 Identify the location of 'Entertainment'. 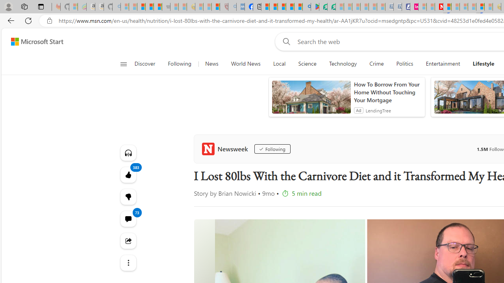
(443, 64).